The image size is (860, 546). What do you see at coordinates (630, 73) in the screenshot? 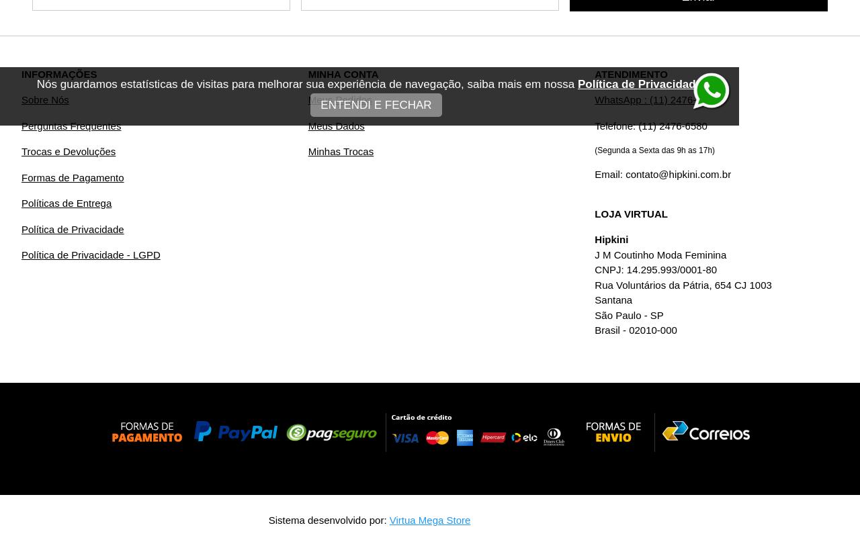
I see `'ATENDIMENTO'` at bounding box center [630, 73].